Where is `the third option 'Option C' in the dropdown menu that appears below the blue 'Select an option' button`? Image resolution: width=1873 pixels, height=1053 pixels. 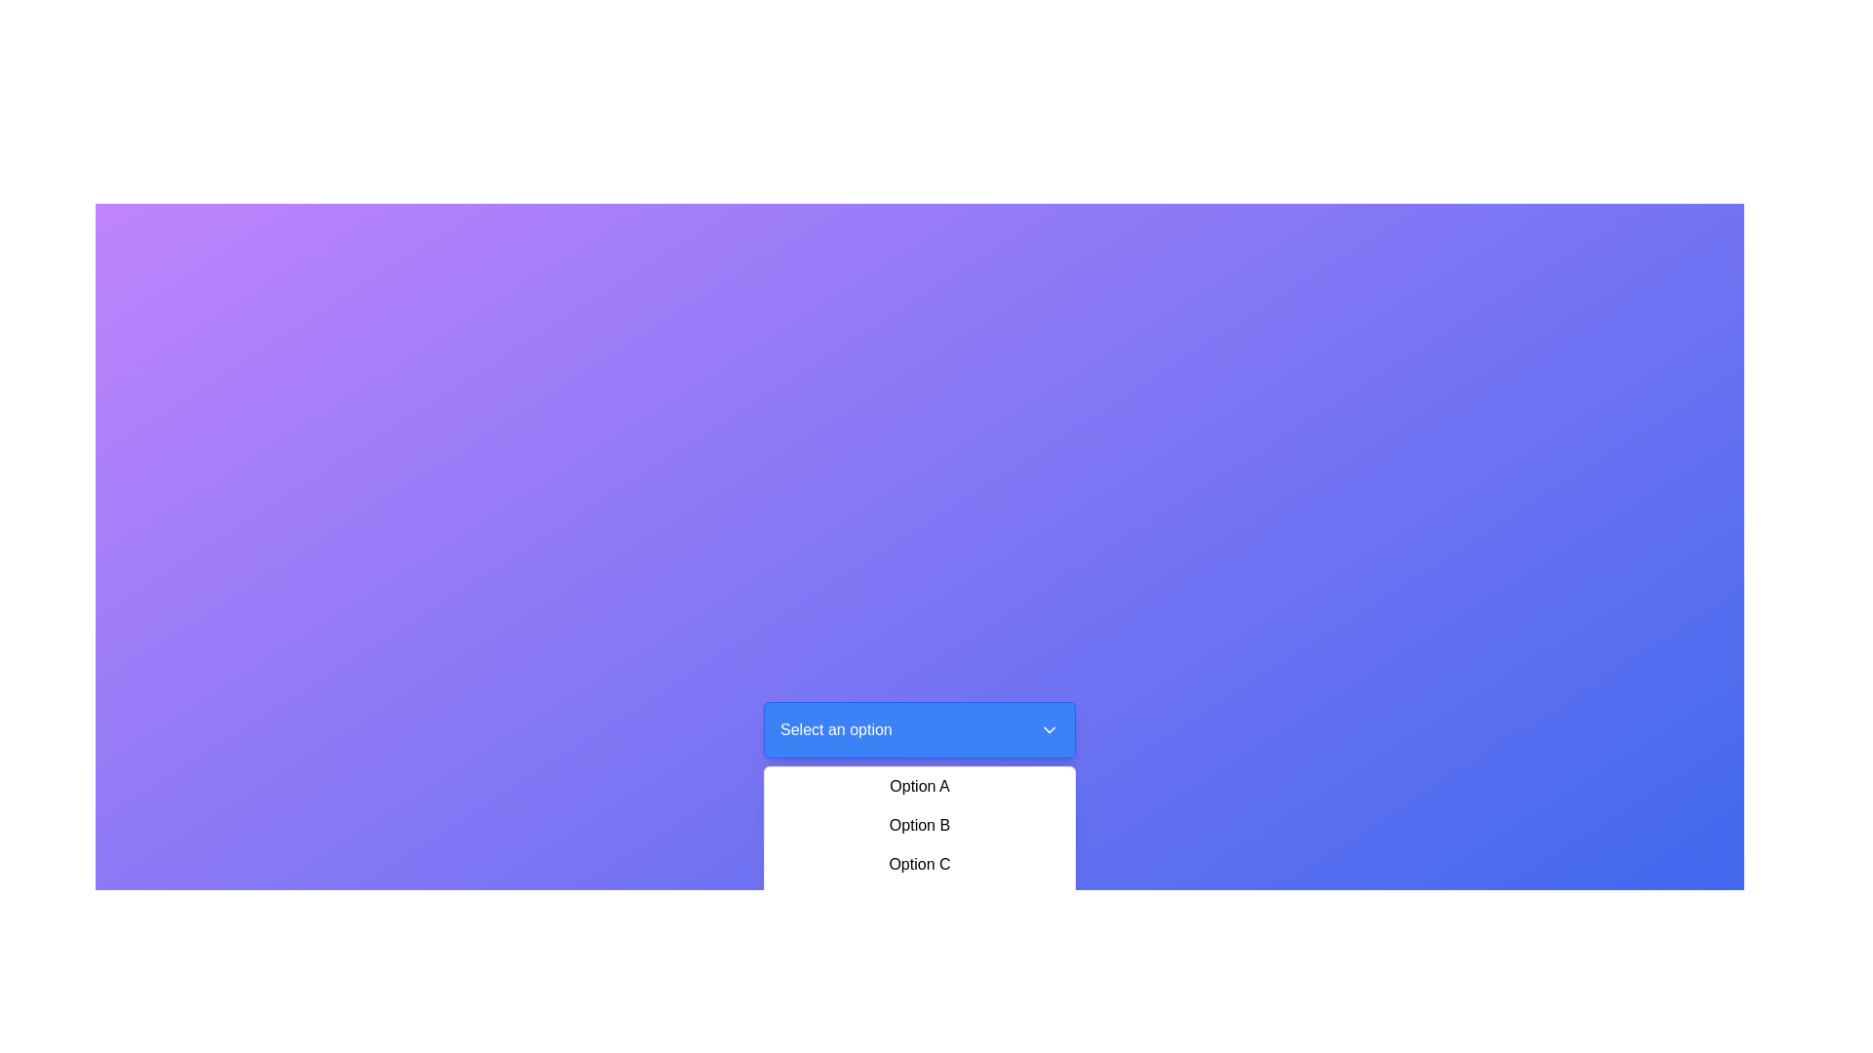
the third option 'Option C' in the dropdown menu that appears below the blue 'Select an option' button is located at coordinates (918, 844).